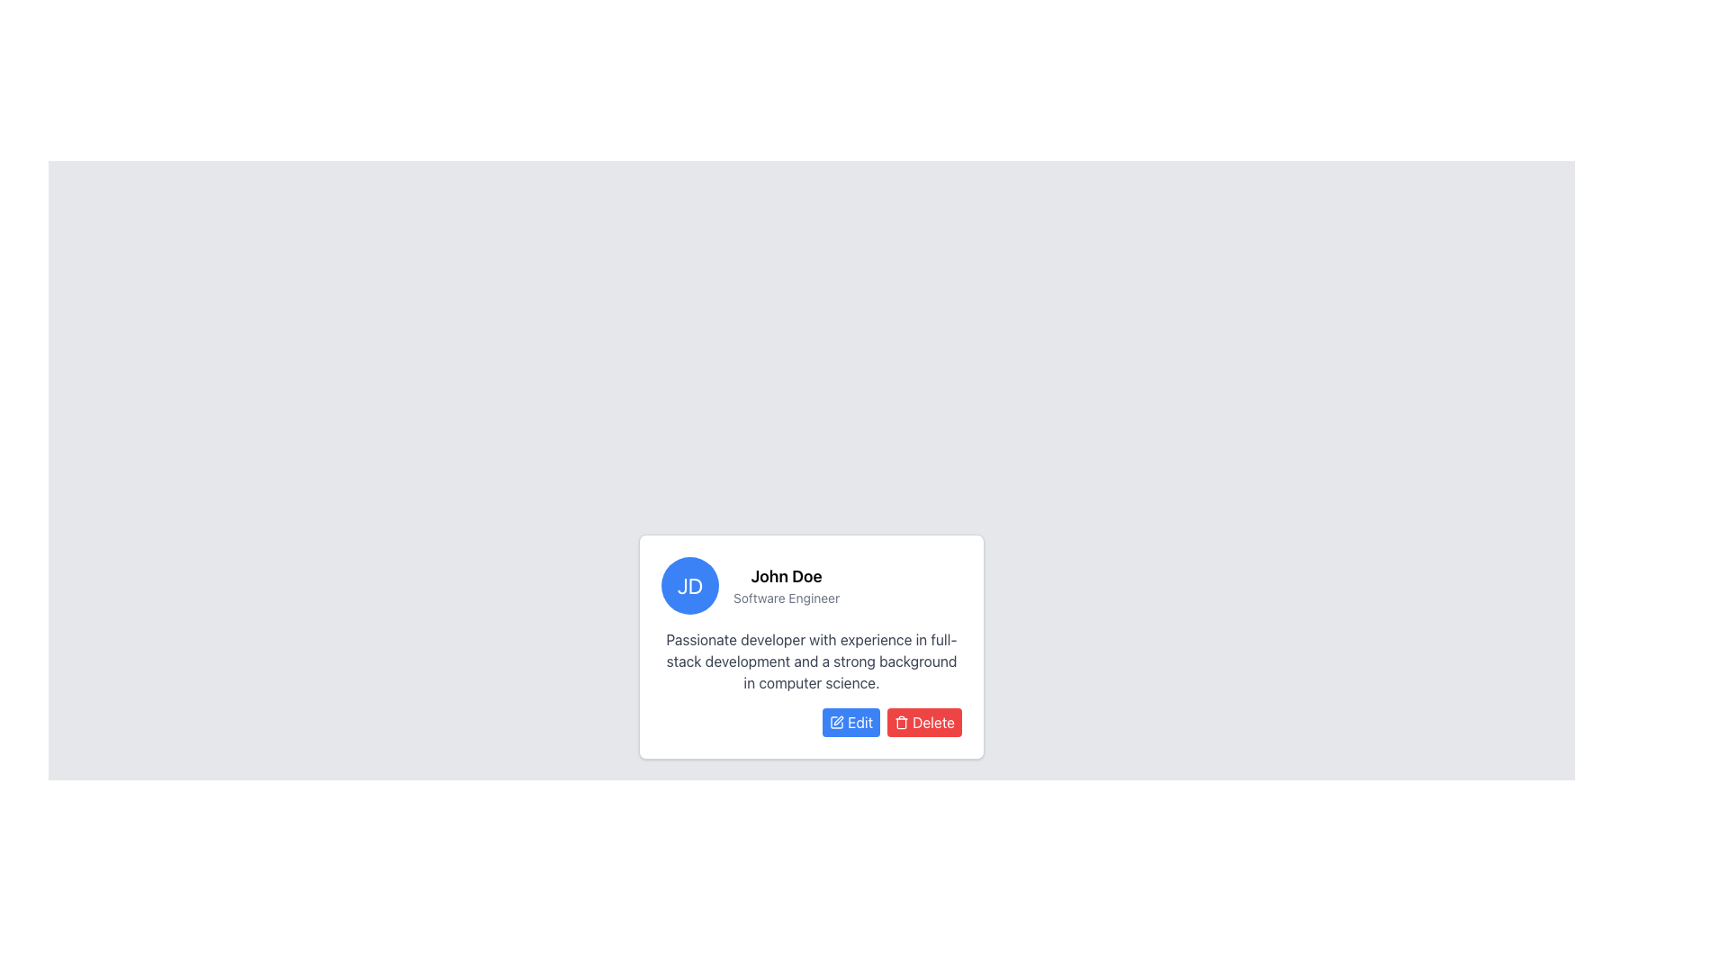 Image resolution: width=1728 pixels, height=972 pixels. What do you see at coordinates (811, 721) in the screenshot?
I see `the 'Edit' button located at the bottom-right section of John's profile card to initiate editing` at bounding box center [811, 721].